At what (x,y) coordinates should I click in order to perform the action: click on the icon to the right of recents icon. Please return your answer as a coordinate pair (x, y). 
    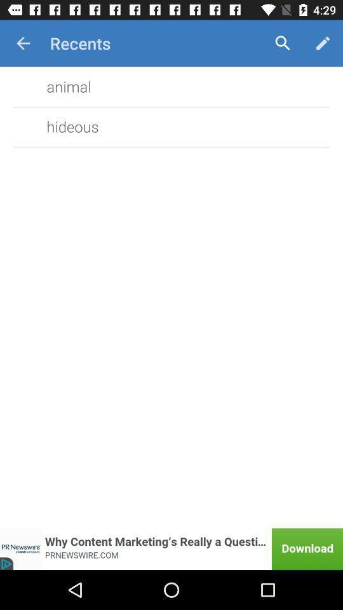
    Looking at the image, I should click on (283, 43).